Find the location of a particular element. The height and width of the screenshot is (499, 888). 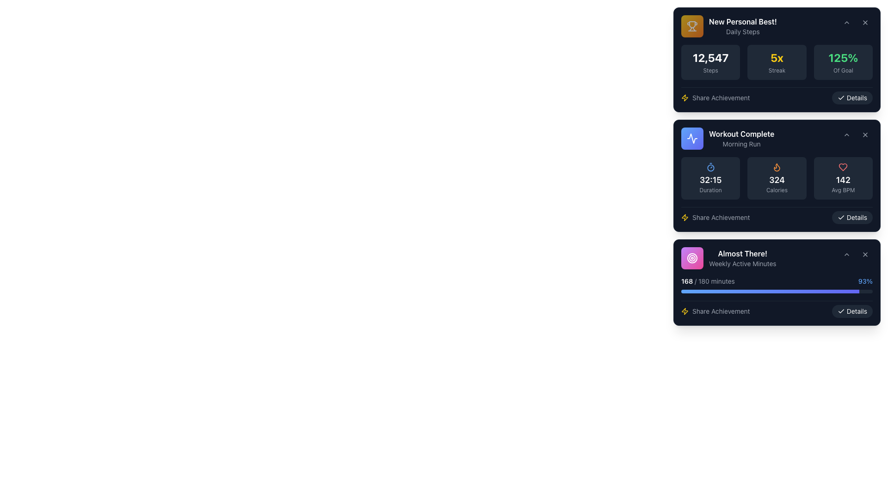

the static text label that indicates 'Share Achievement', located at the bottom of a card containing workout session data, positioned to the right of a yellow lightning bolt icon is located at coordinates (721, 217).